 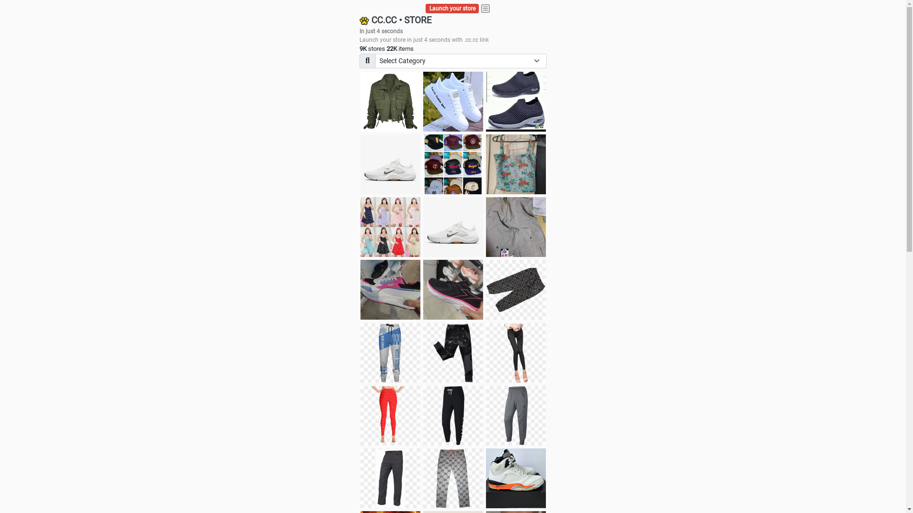 What do you see at coordinates (453, 101) in the screenshot?
I see `'white shoes'` at bounding box center [453, 101].